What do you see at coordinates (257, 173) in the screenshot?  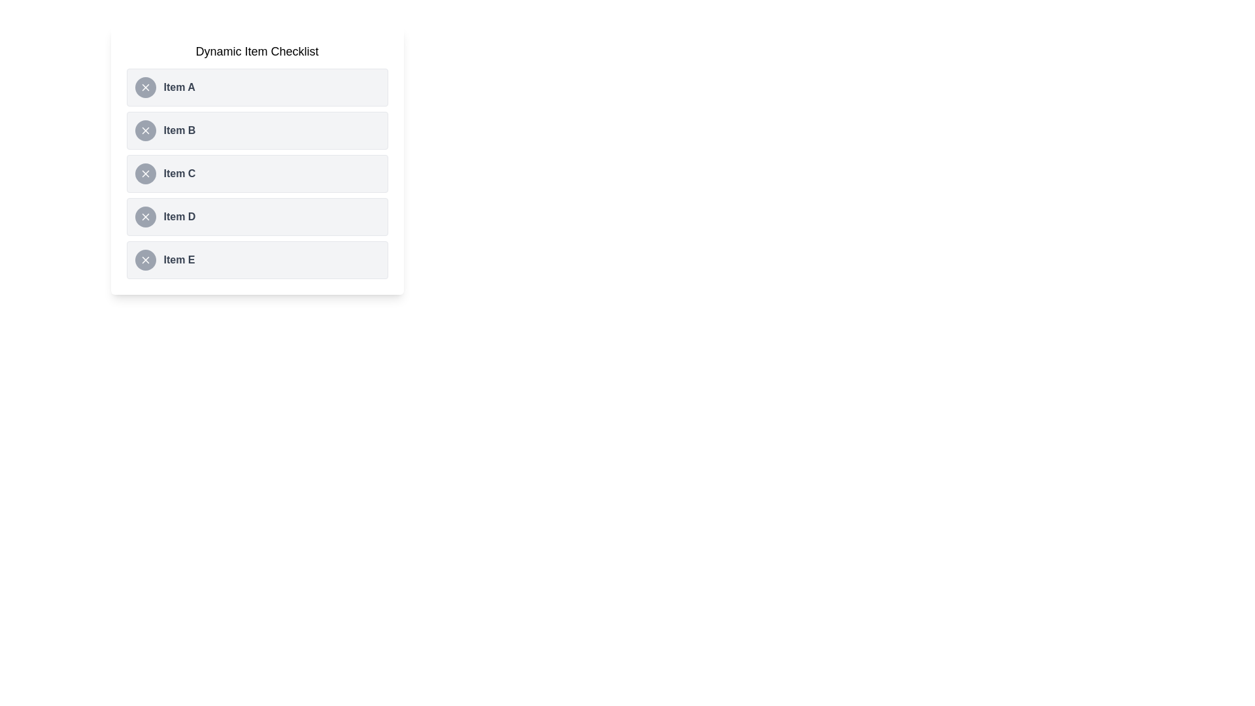 I see `the list item Item C` at bounding box center [257, 173].